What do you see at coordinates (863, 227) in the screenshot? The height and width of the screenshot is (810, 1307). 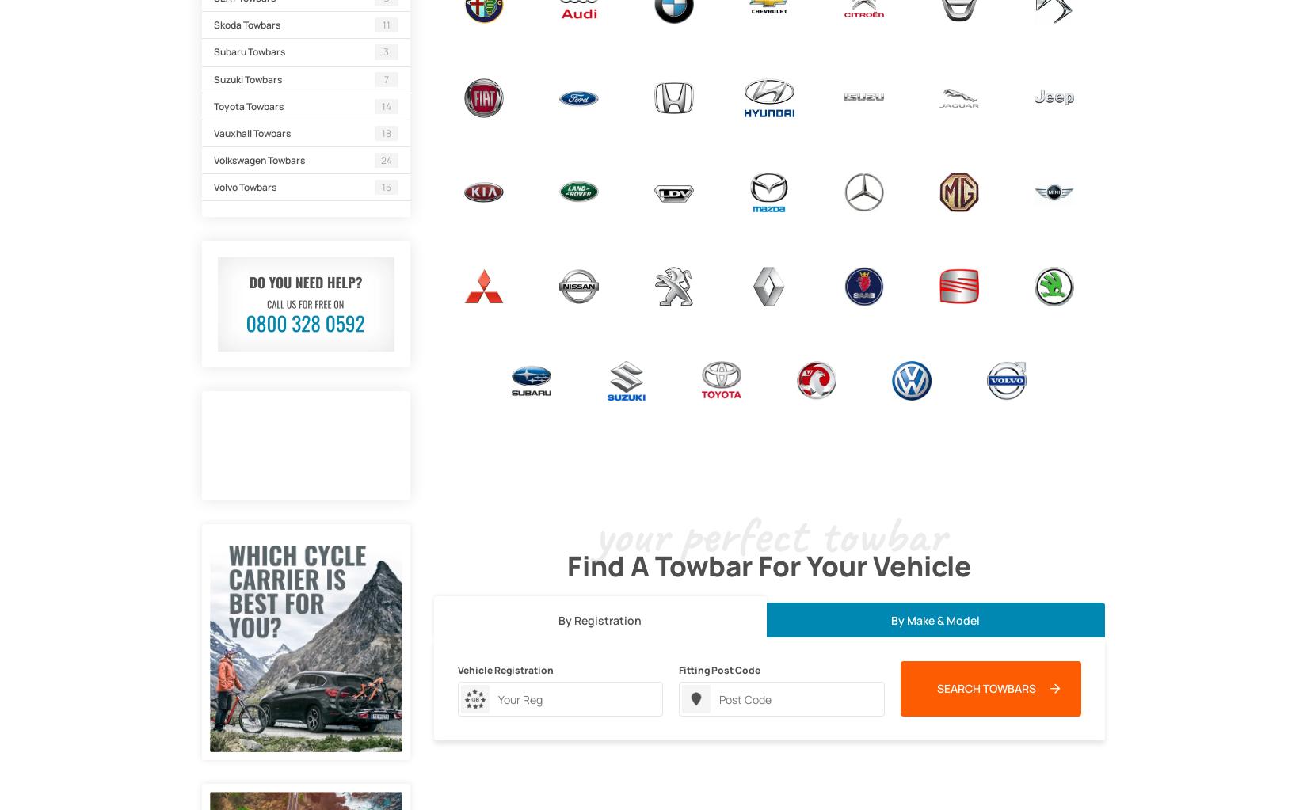 I see `'Mercedes Towbars'` at bounding box center [863, 227].